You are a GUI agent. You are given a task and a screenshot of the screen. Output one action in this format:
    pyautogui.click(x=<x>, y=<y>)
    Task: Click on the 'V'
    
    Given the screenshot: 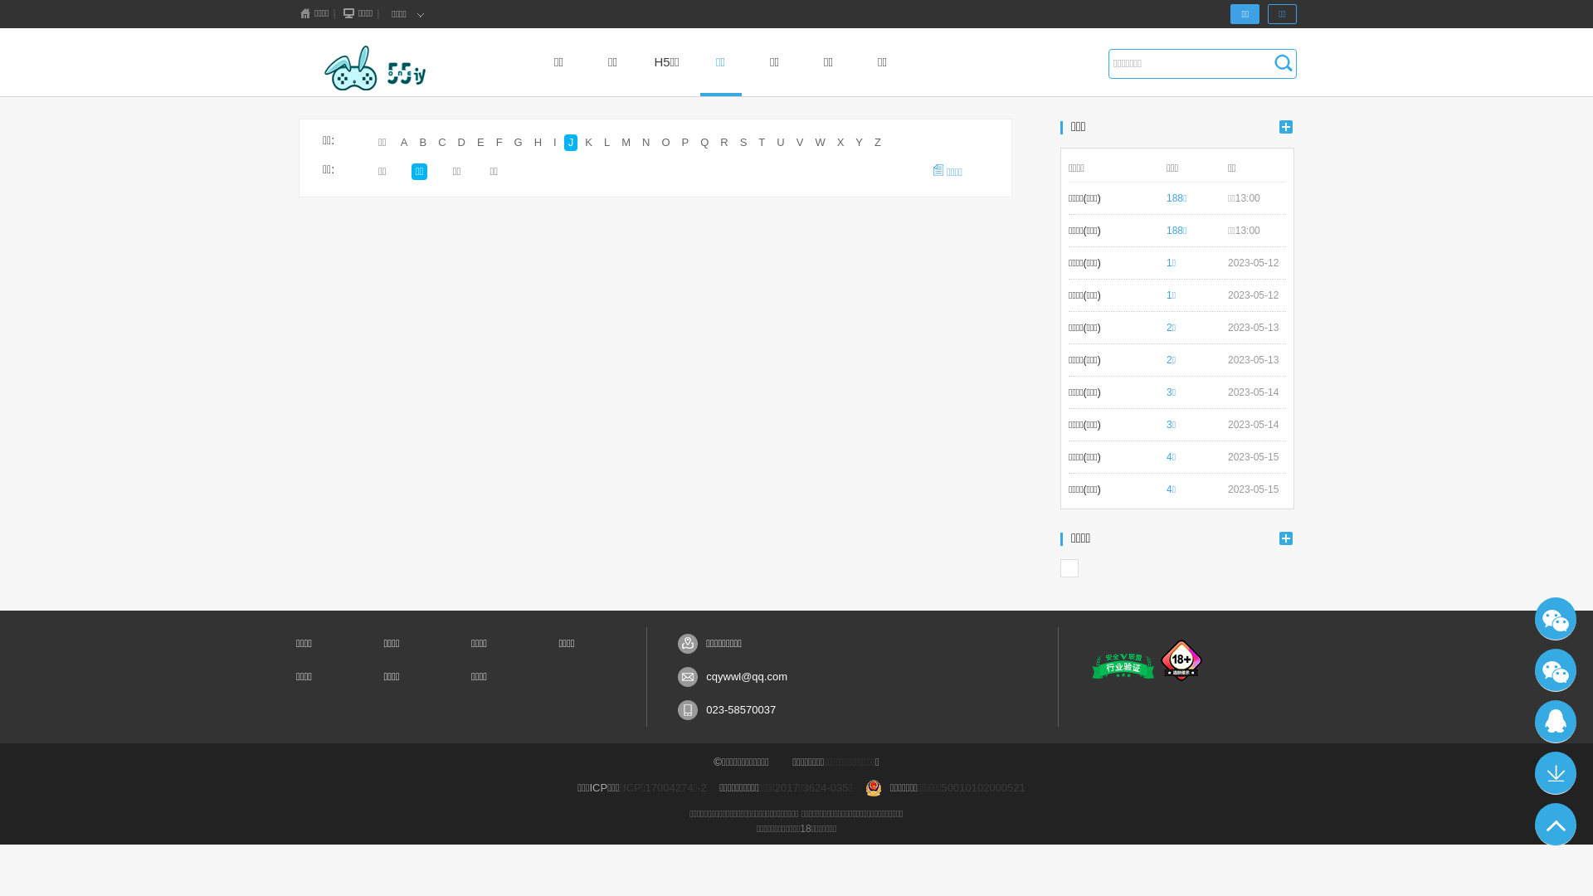 What is the action you would take?
    pyautogui.click(x=800, y=142)
    